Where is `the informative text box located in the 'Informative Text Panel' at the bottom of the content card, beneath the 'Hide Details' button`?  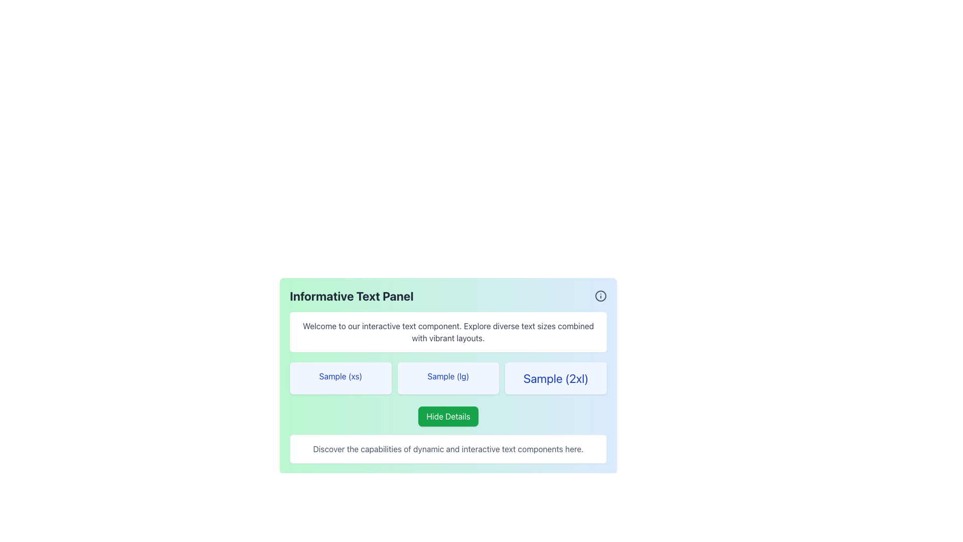
the informative text box located in the 'Informative Text Panel' at the bottom of the content card, beneath the 'Hide Details' button is located at coordinates (447, 448).